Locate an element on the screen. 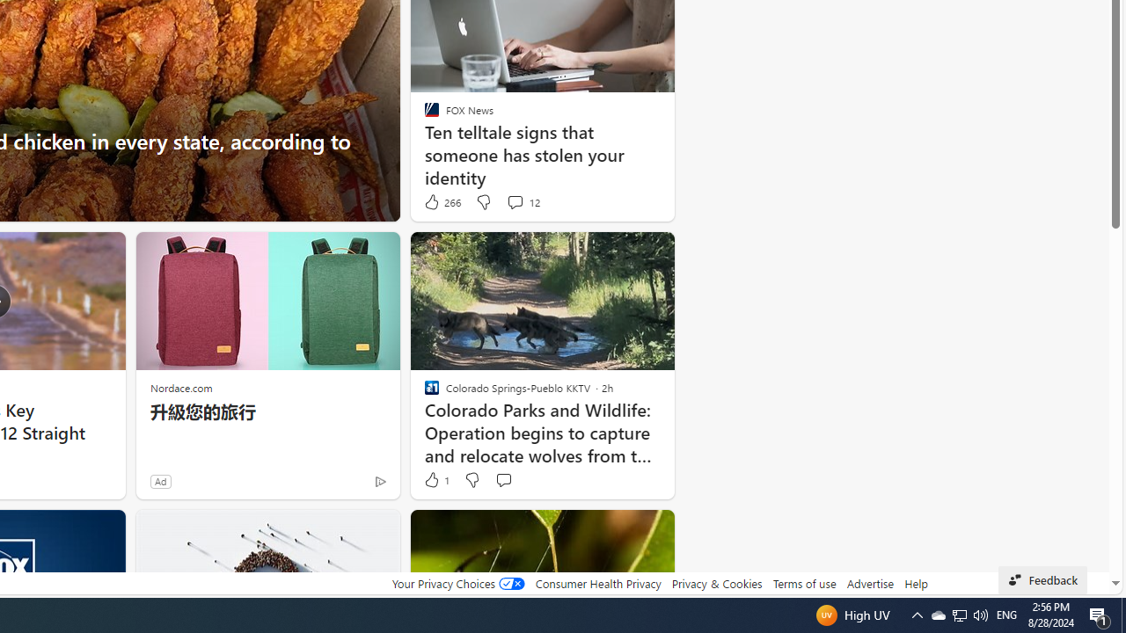 The width and height of the screenshot is (1126, 633). 'Your Privacy Choices' is located at coordinates (457, 583).